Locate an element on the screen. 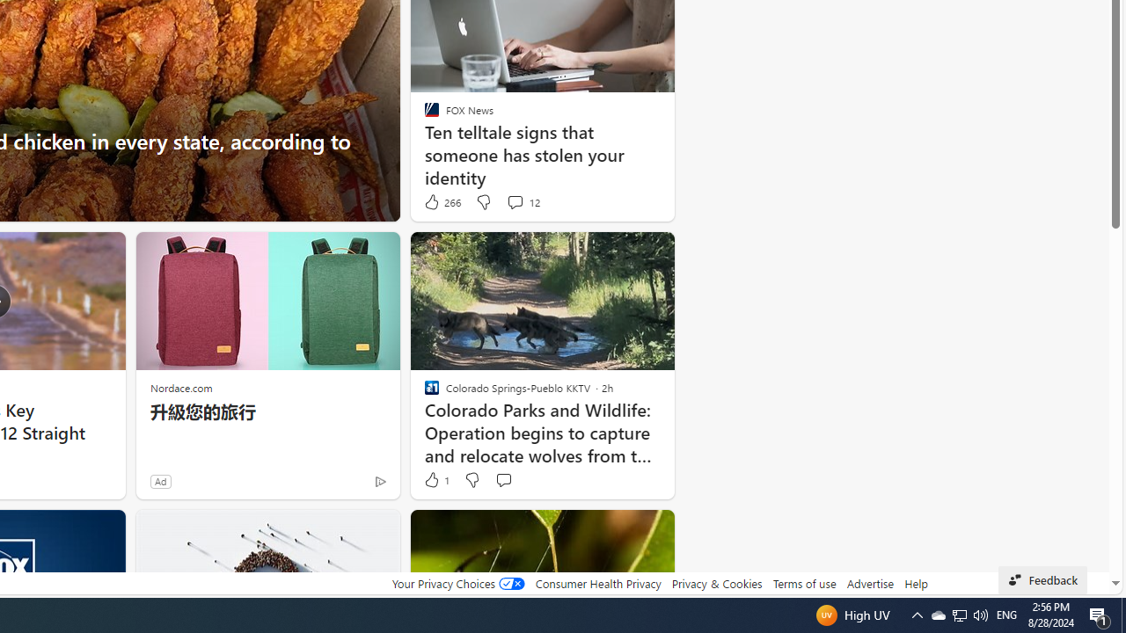 The width and height of the screenshot is (1126, 633). 'Your Privacy Choices' is located at coordinates (457, 583).